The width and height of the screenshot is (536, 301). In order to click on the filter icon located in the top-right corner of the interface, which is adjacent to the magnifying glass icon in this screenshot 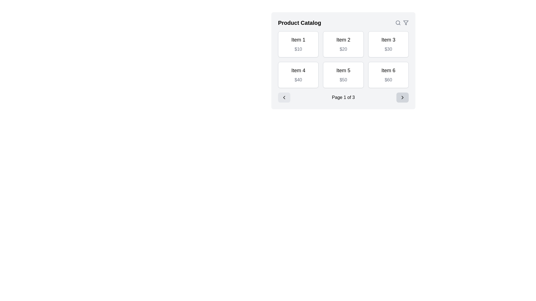, I will do `click(406, 22)`.